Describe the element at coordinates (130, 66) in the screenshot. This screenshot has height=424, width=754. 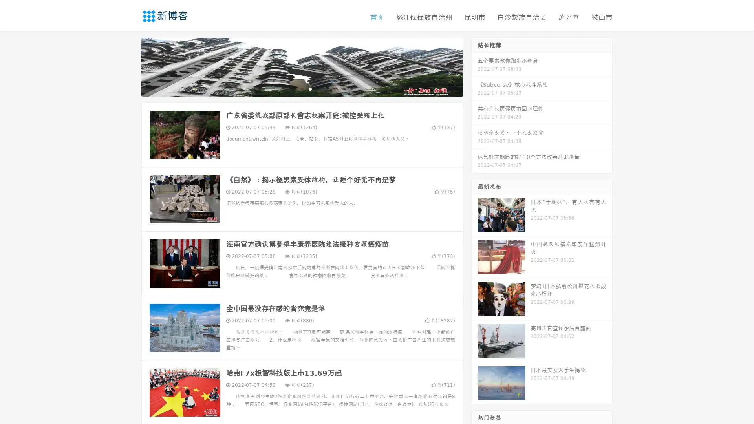
I see `Previous slide` at that location.